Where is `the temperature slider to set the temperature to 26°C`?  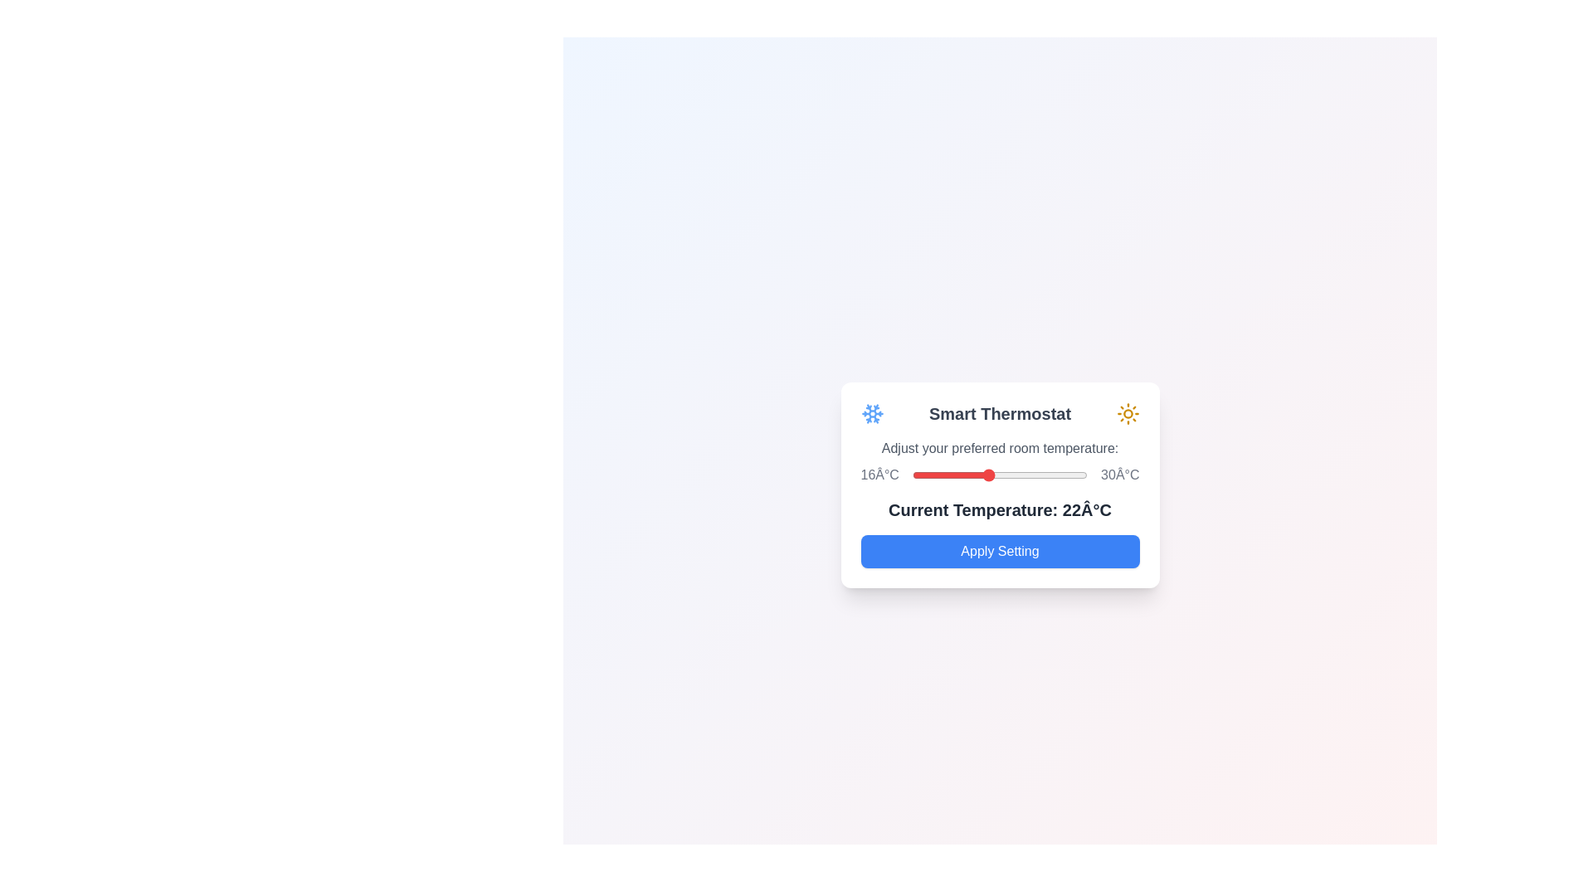
the temperature slider to set the temperature to 26°C is located at coordinates (1036, 475).